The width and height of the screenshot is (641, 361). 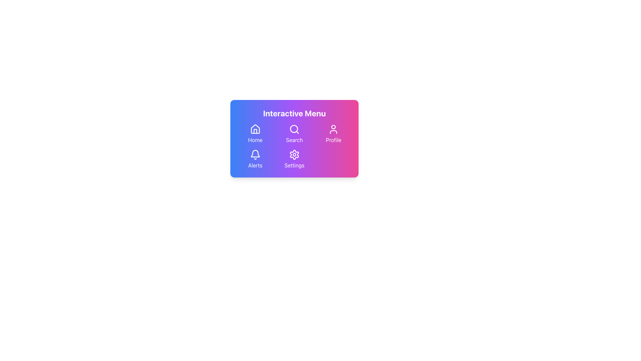 I want to click on the 'Alerts' icon located in the bottom left of the interactive menu interface, so click(x=254, y=153).